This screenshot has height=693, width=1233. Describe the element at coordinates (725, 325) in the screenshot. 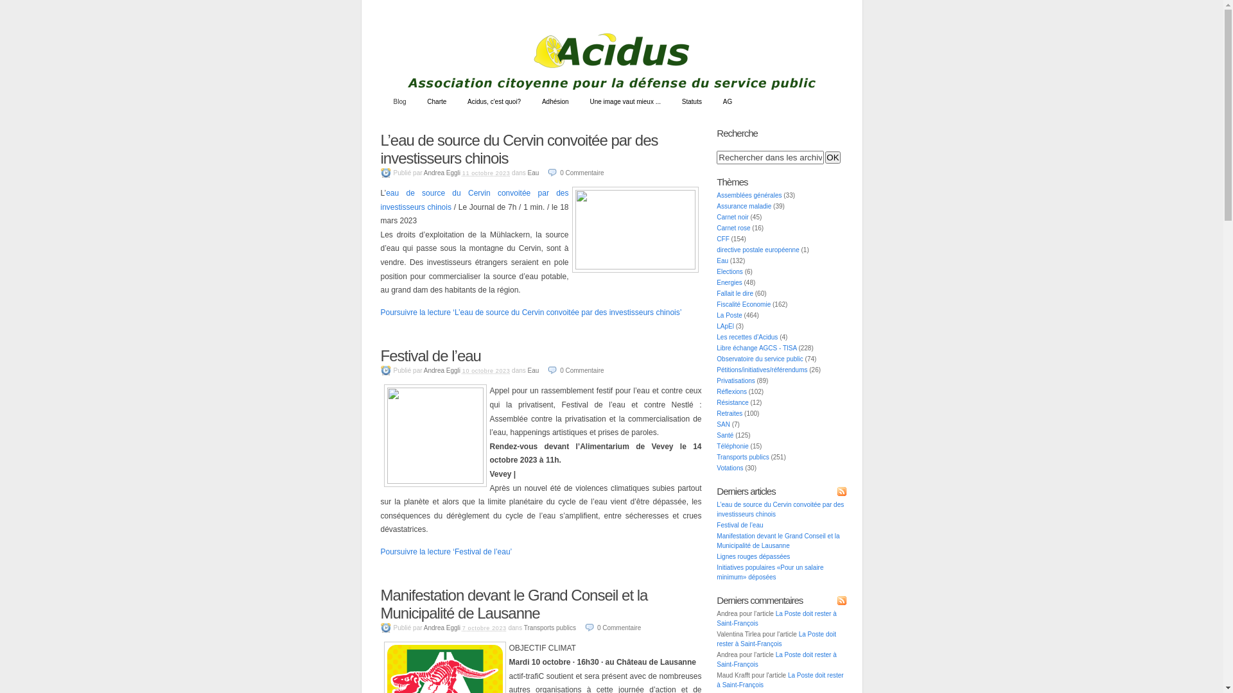

I see `'LApEl'` at that location.